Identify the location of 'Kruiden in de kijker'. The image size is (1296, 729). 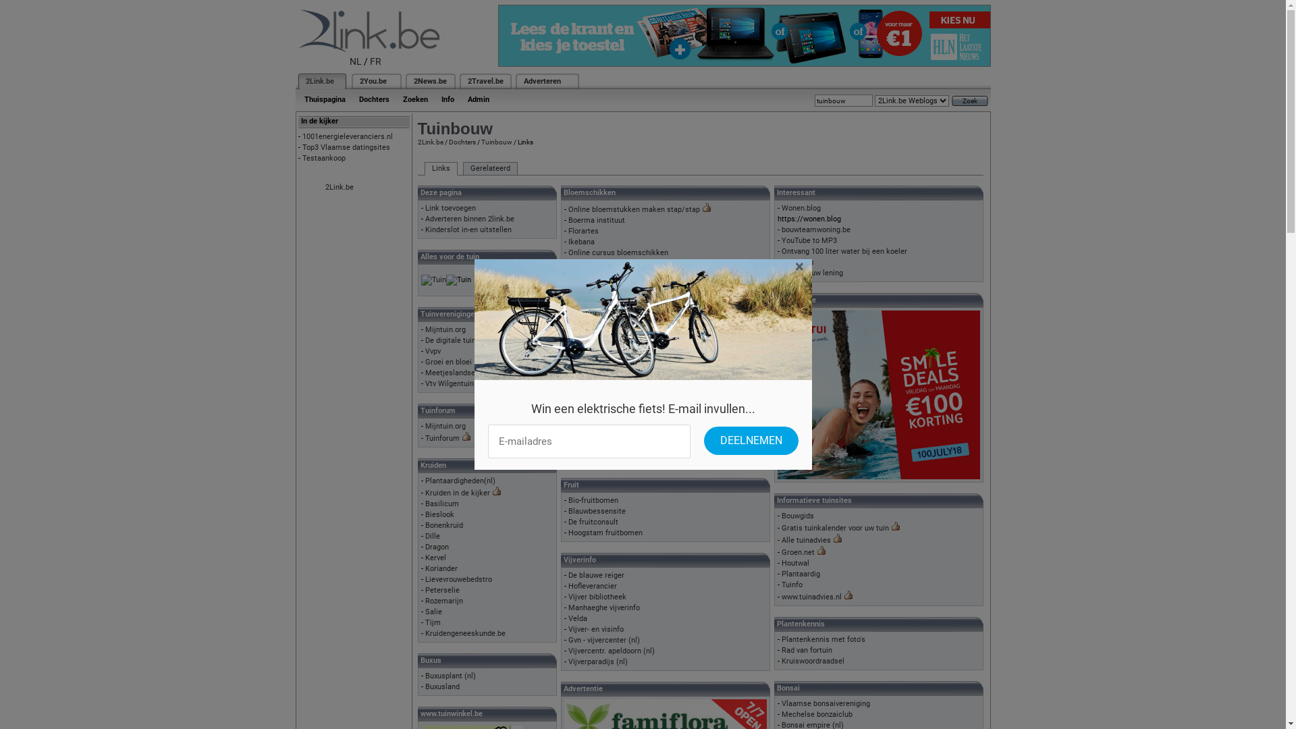
(457, 493).